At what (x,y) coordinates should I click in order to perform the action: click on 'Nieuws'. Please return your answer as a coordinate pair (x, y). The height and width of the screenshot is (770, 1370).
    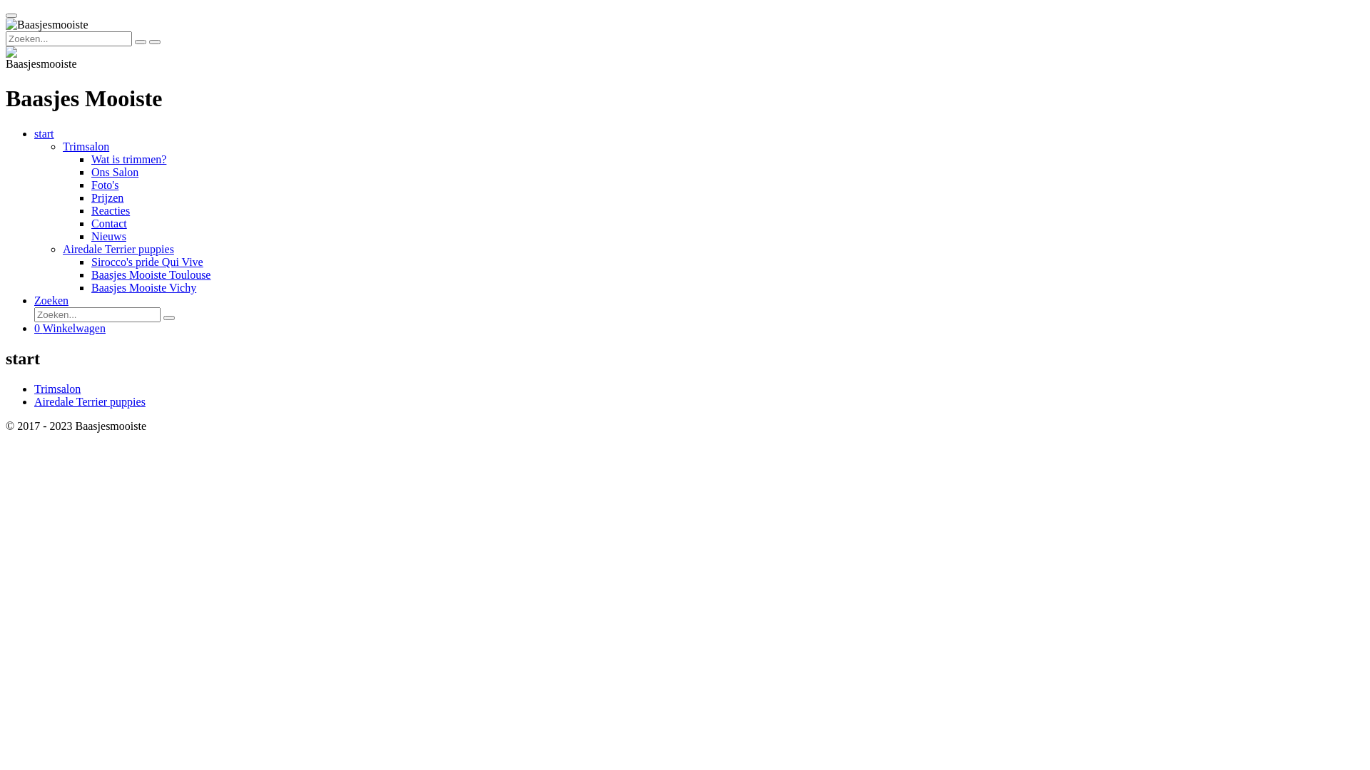
    Looking at the image, I should click on (108, 235).